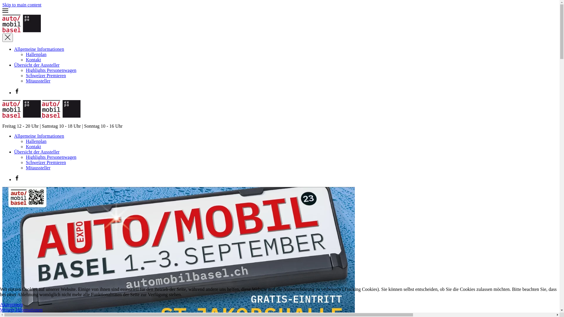  What do you see at coordinates (21, 309) in the screenshot?
I see `'Weitere Informationen'` at bounding box center [21, 309].